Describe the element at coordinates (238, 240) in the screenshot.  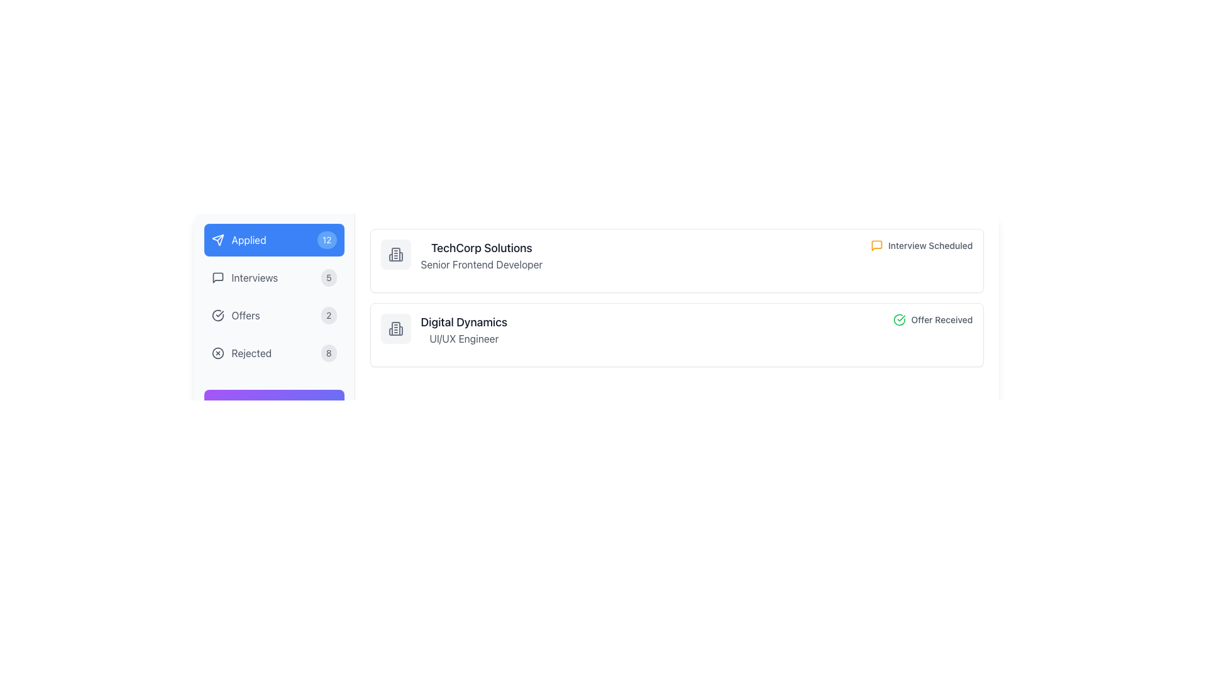
I see `the 'Applied' text label combined with a paper airplane icon located at the top of the vertical menu list in the left sidebar` at that location.